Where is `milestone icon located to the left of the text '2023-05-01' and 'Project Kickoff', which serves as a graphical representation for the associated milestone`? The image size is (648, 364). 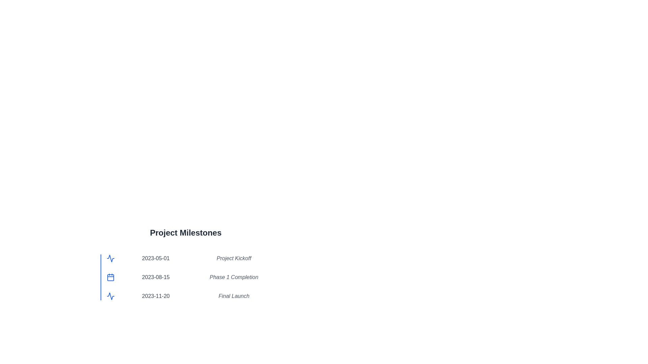 milestone icon located to the left of the text '2023-05-01' and 'Project Kickoff', which serves as a graphical representation for the associated milestone is located at coordinates (110, 258).